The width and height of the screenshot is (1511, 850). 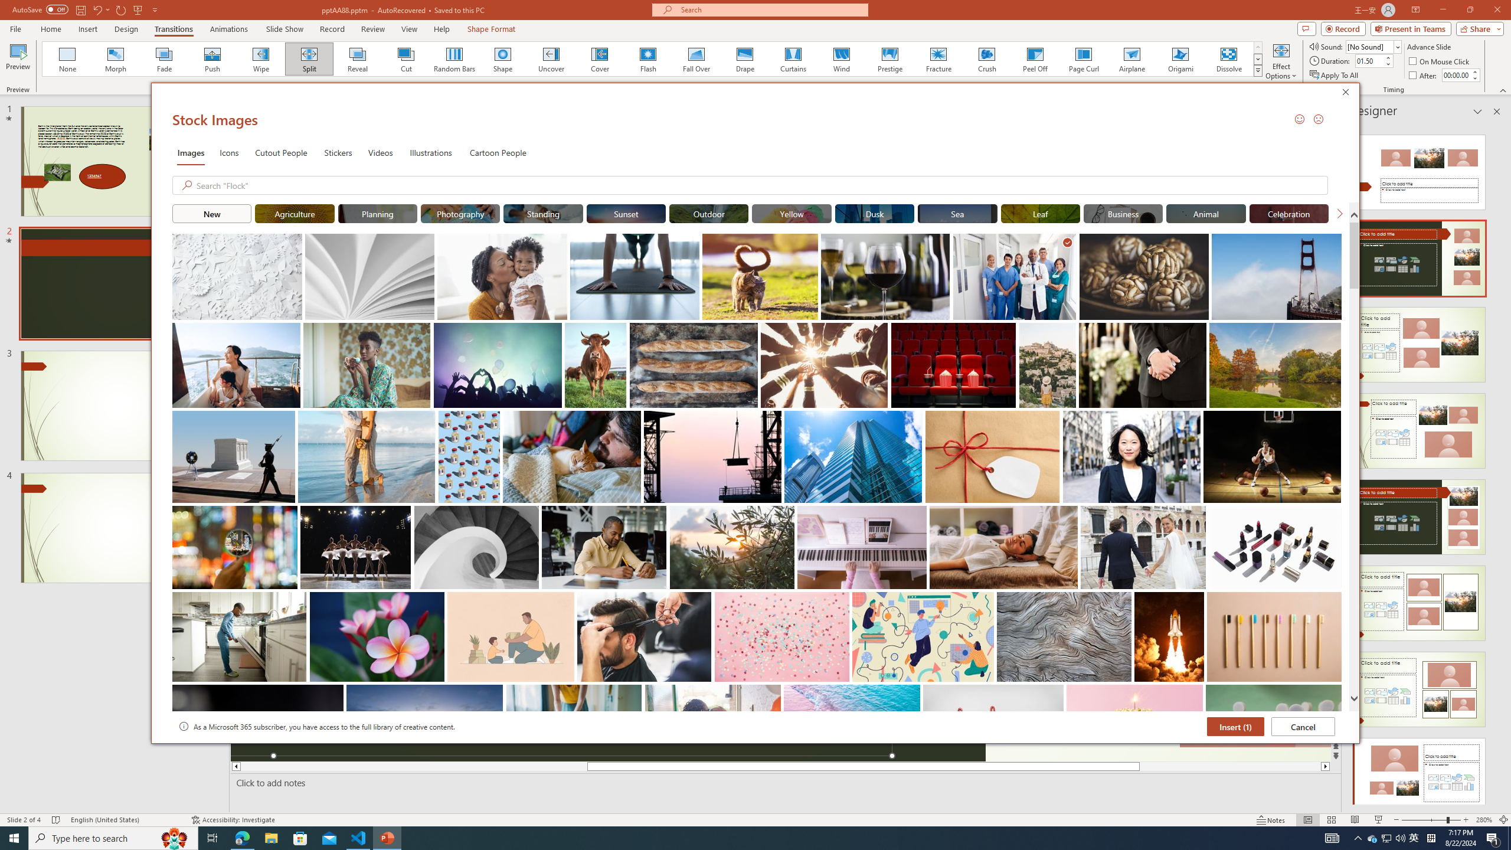 I want to click on 'Reveal', so click(x=358, y=58).